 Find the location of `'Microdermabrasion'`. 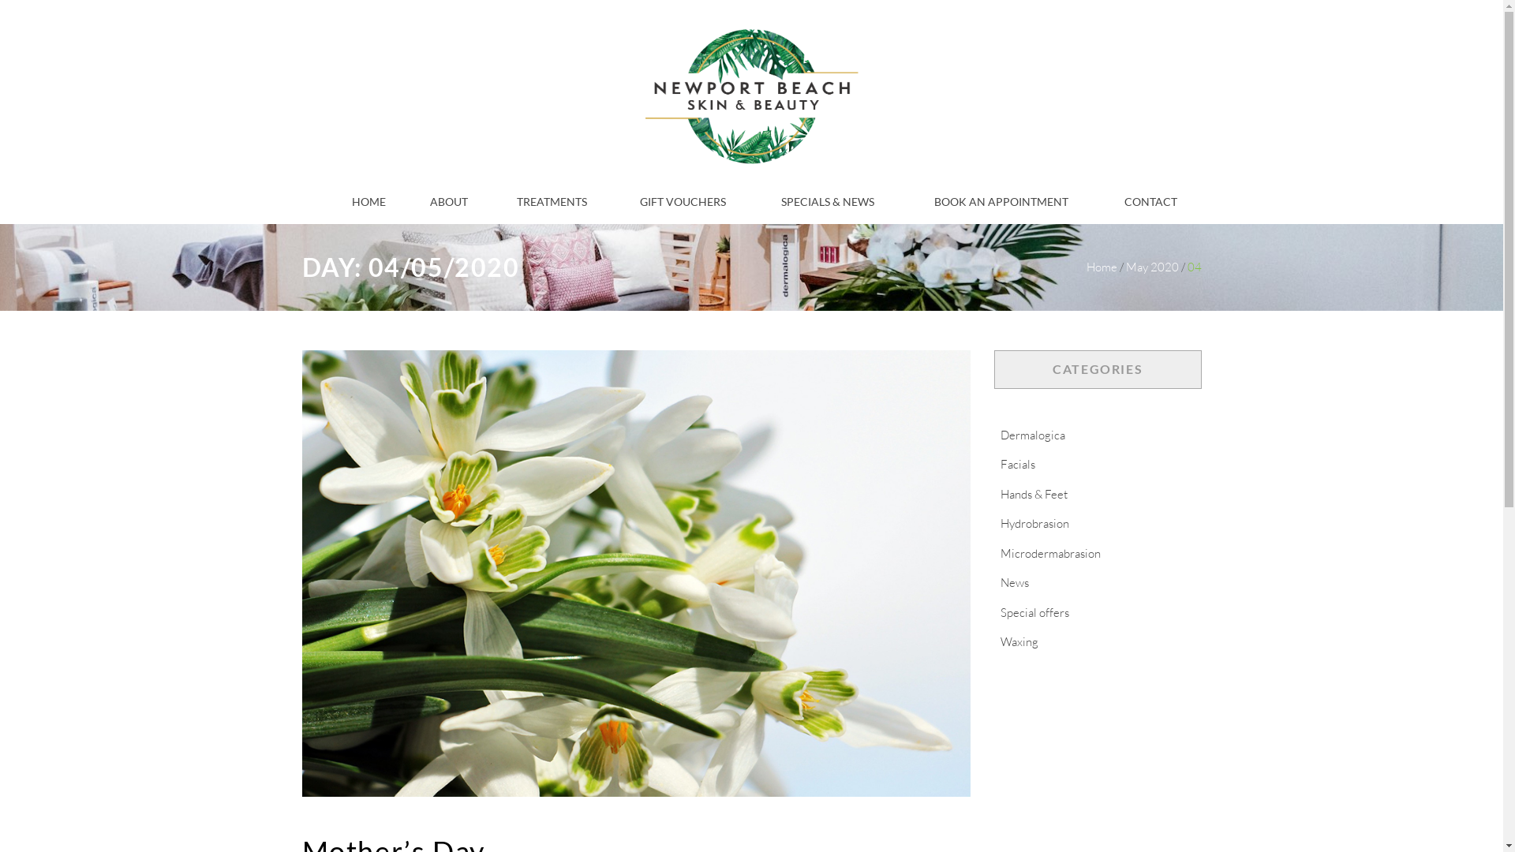

'Microdermabrasion' is located at coordinates (1050, 552).